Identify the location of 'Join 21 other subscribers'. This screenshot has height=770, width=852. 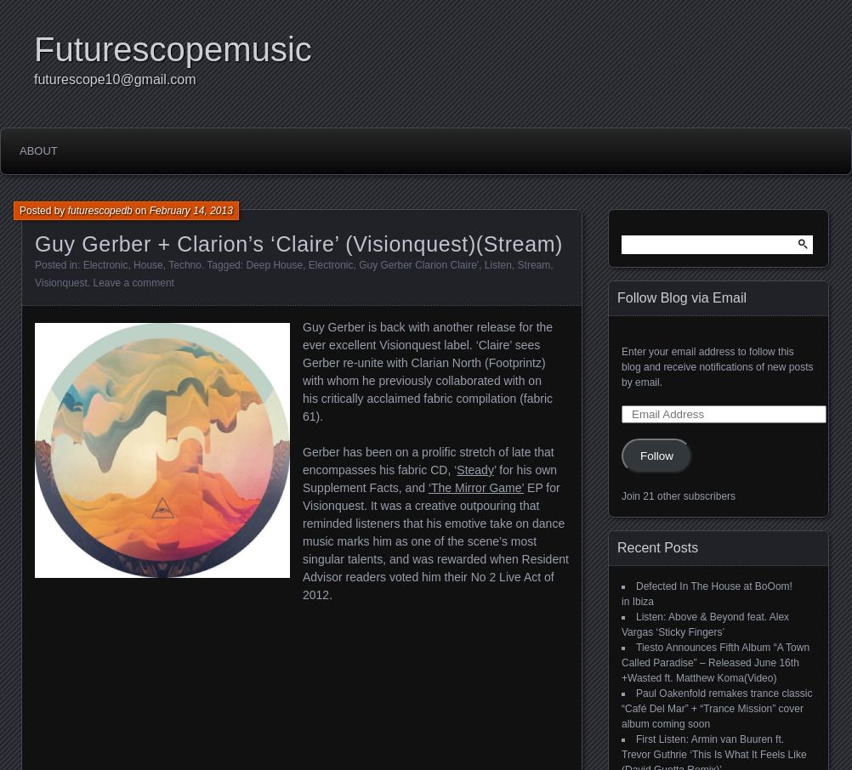
(677, 495).